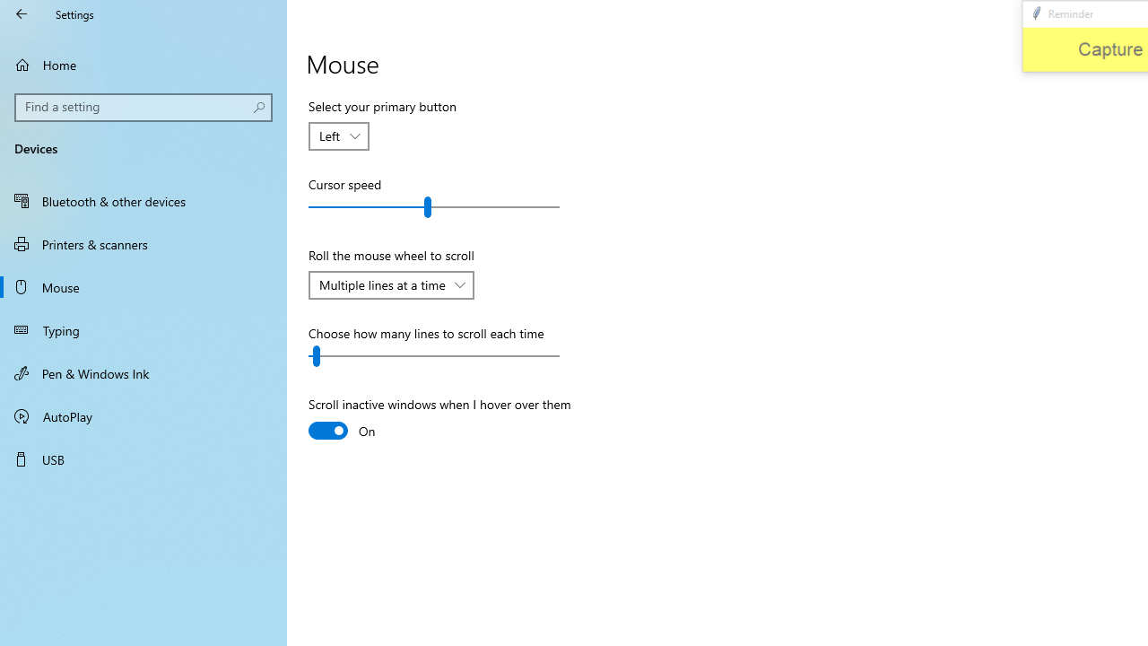 Image resolution: width=1148 pixels, height=646 pixels. I want to click on 'Cursor speed', so click(434, 206).